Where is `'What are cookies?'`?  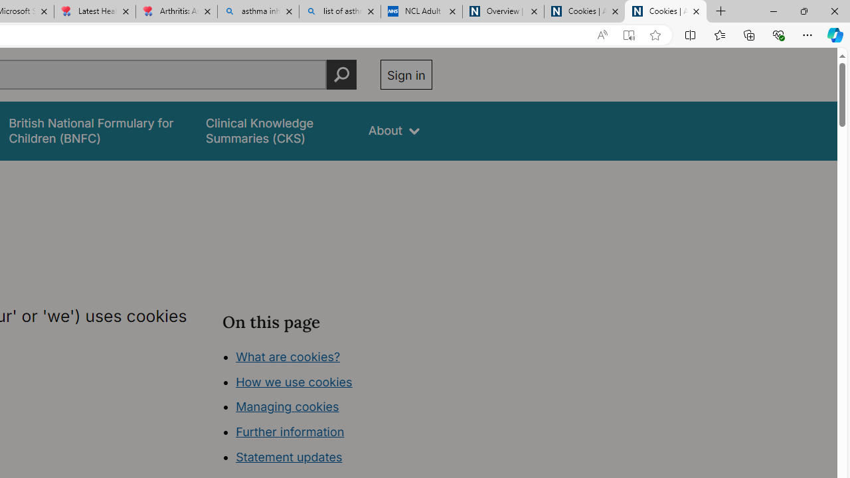 'What are cookies?' is located at coordinates (287, 356).